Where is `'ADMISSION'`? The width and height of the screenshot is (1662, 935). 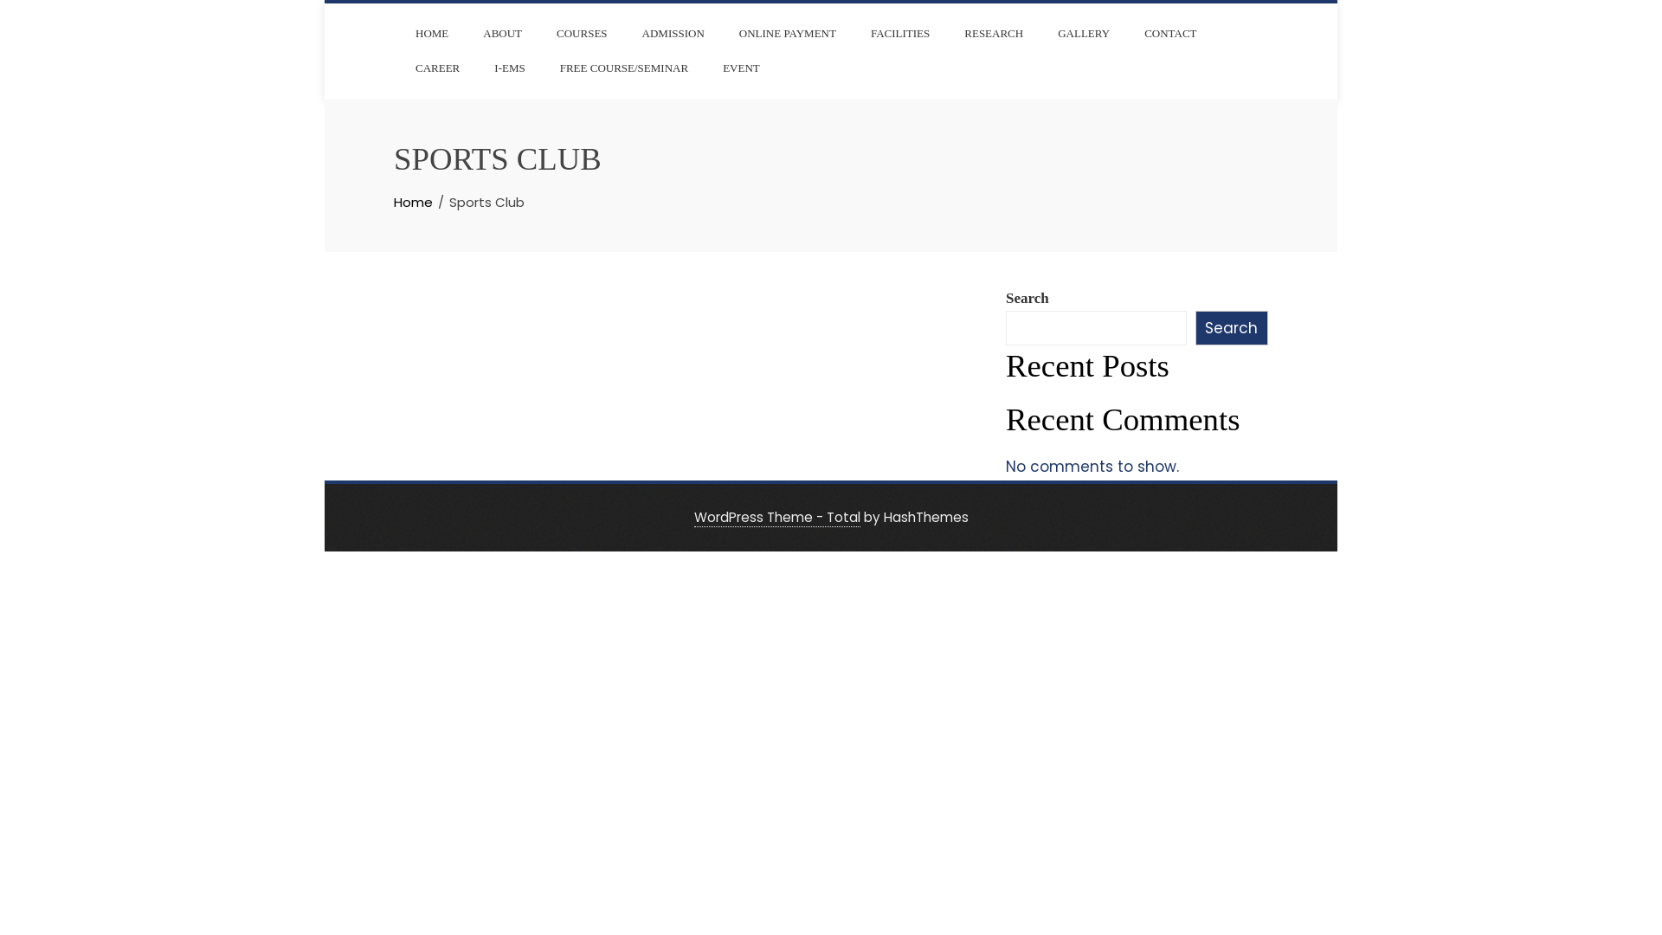 'ADMISSION' is located at coordinates (672, 33).